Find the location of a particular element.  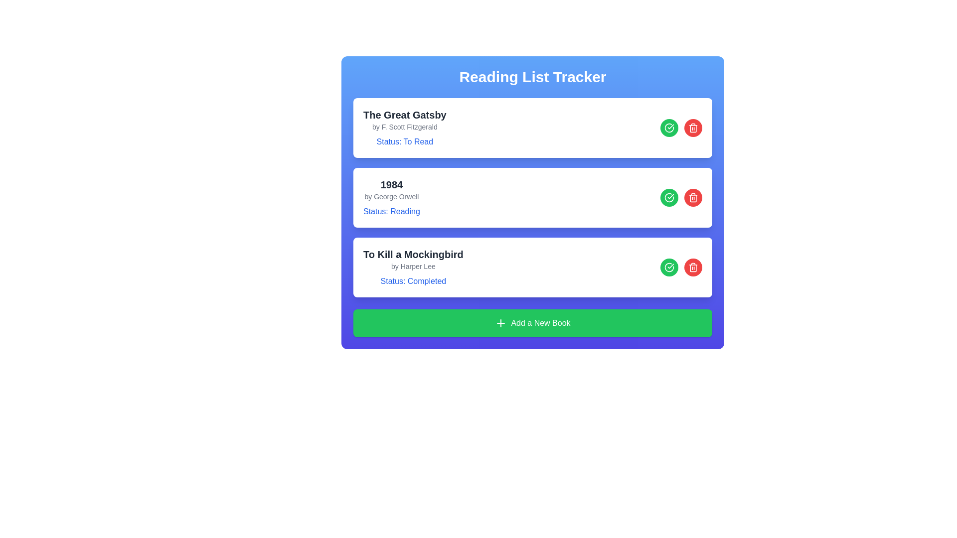

the trash icon button with a red circular background located at the far right of the second row in the list titled '1984' by George Orwell is located at coordinates (693, 128).